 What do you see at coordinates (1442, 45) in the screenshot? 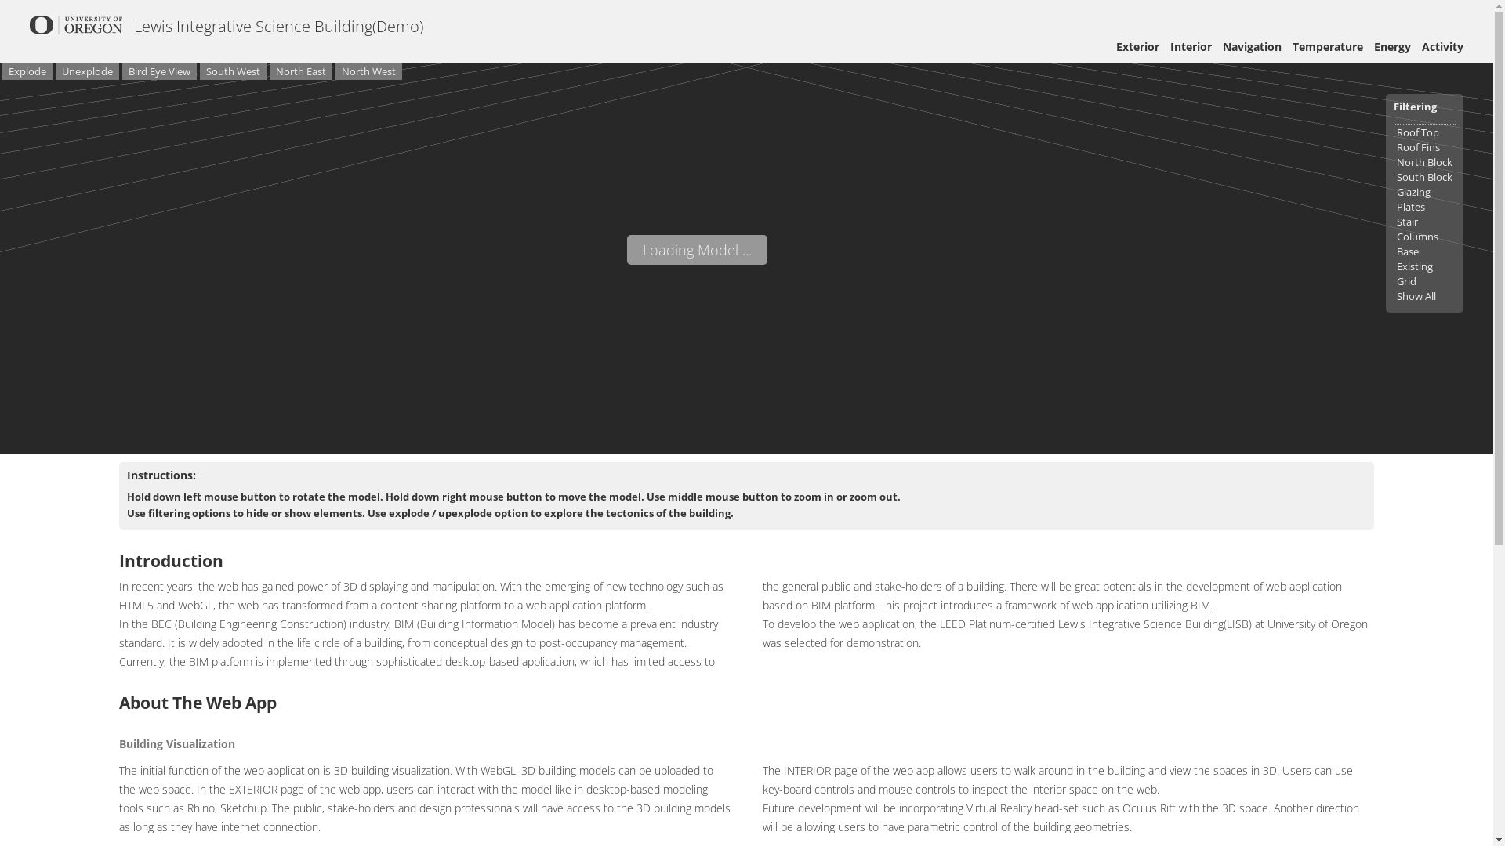
I see `'Activity'` at bounding box center [1442, 45].